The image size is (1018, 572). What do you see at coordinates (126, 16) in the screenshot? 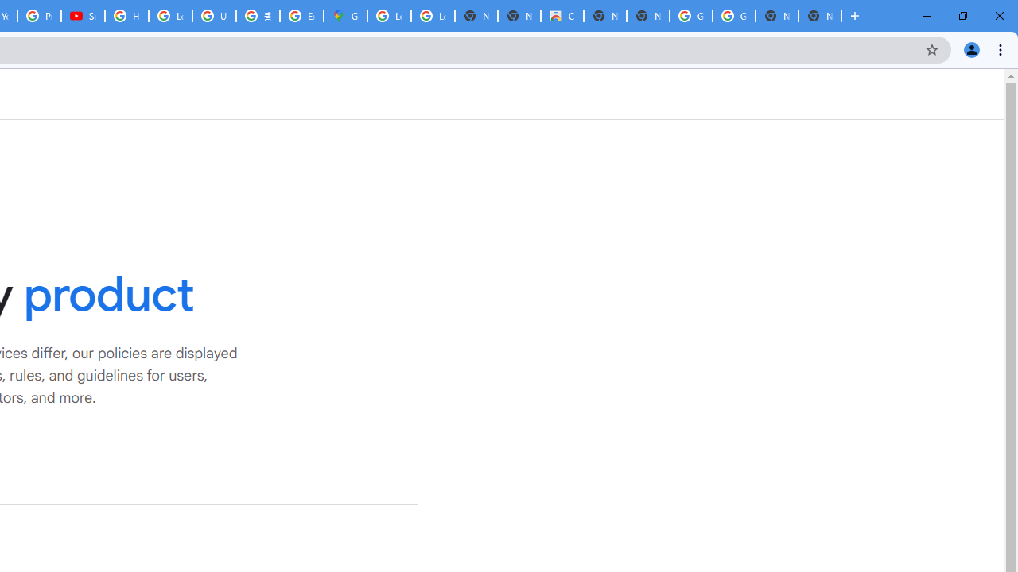
I see `'How Chrome protects your passwords - Google Chrome Help'` at bounding box center [126, 16].